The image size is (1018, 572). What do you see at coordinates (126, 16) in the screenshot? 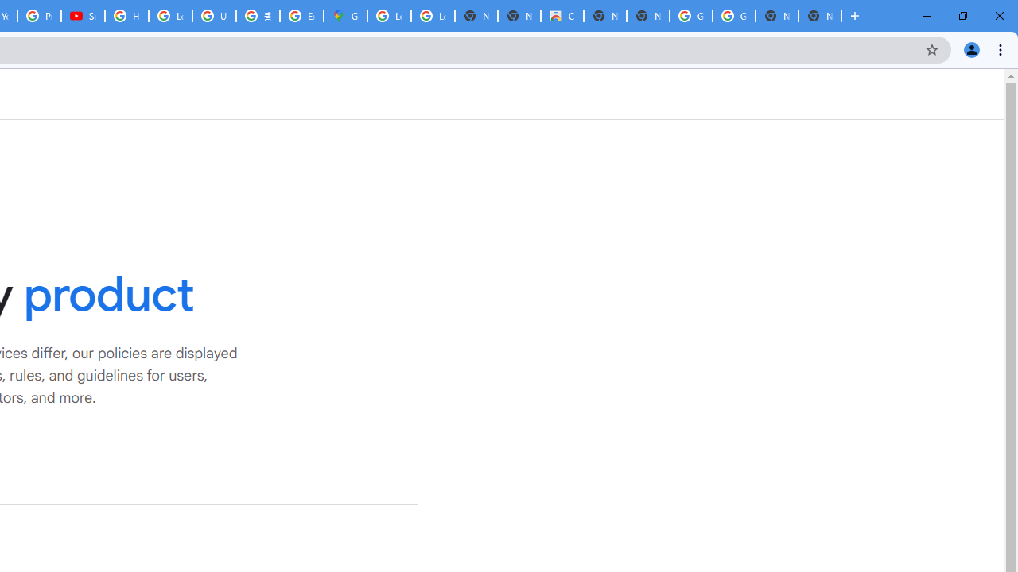
I see `'How Chrome protects your passwords - Google Chrome Help'` at bounding box center [126, 16].